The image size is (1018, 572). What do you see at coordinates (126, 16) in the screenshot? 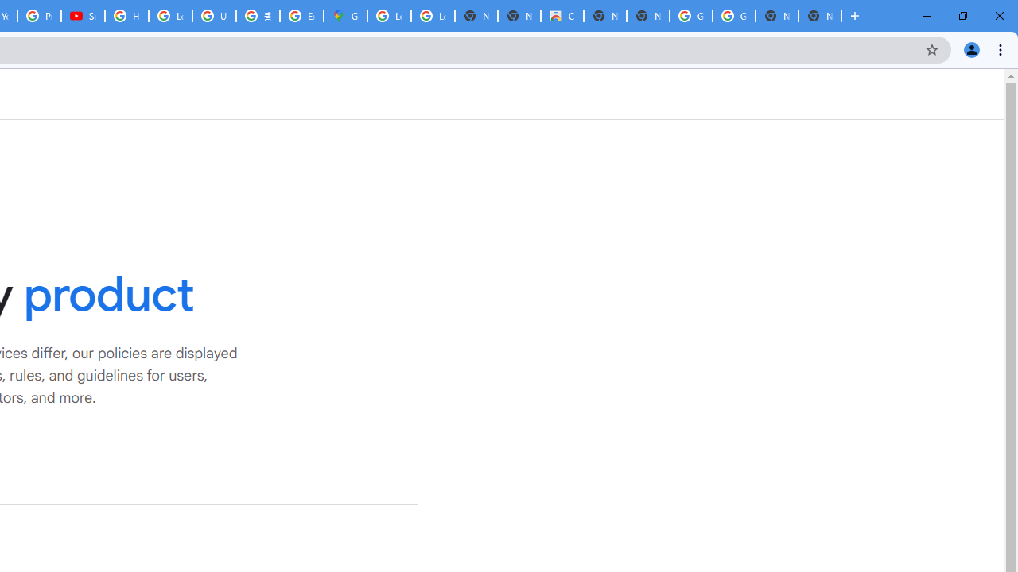
I see `'How Chrome protects your passwords - Google Chrome Help'` at bounding box center [126, 16].